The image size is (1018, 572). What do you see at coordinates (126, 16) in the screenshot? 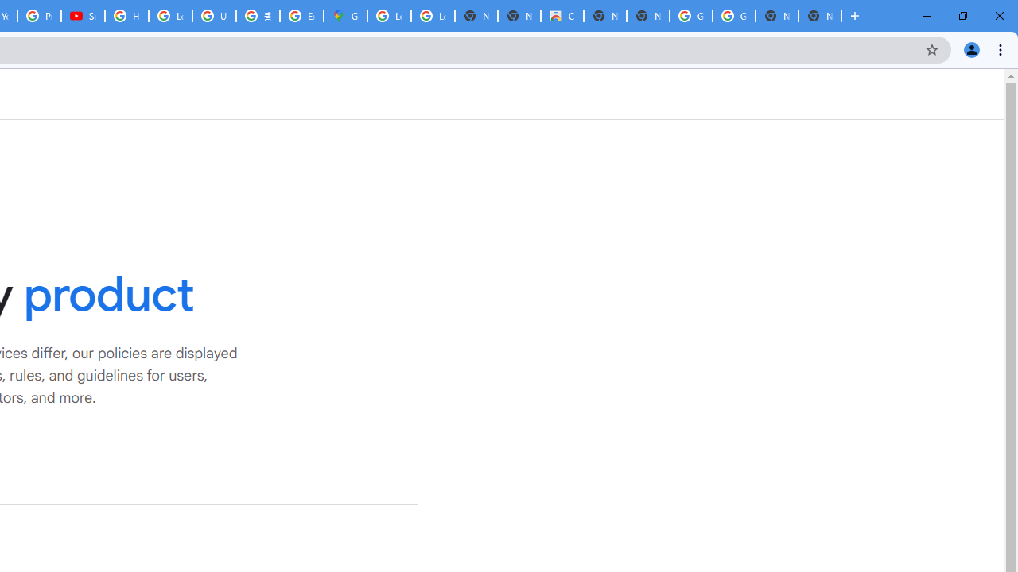
I see `'How Chrome protects your passwords - Google Chrome Help'` at bounding box center [126, 16].